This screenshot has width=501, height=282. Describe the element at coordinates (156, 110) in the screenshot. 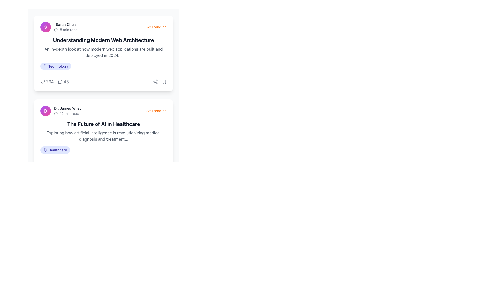

I see `the label with an orange upward-trending arrow icon and the text 'Trending' located on the right side of the article titled 'The Future of AI in Healthcare'` at that location.